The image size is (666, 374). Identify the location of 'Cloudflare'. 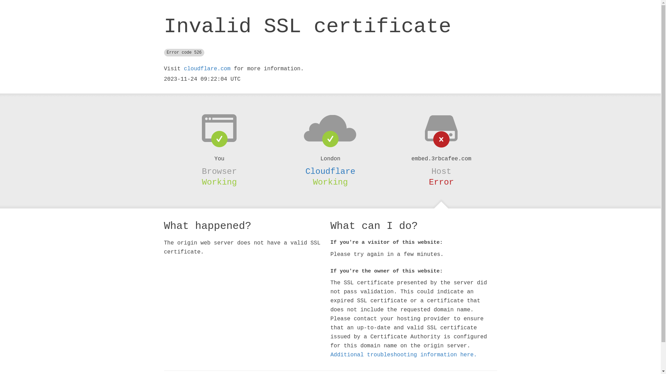
(330, 171).